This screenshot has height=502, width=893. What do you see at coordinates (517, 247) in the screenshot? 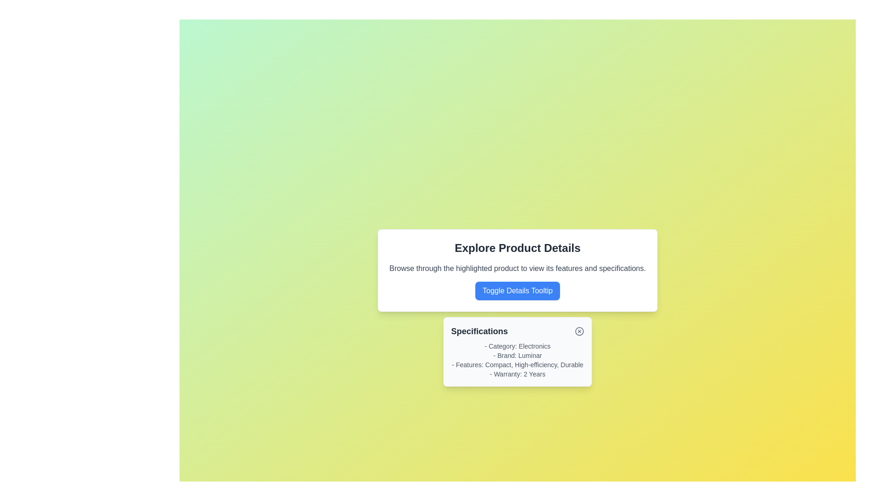
I see `the Text Label that serves as the title or headline of the section, which is positioned above the description paragraph` at bounding box center [517, 247].